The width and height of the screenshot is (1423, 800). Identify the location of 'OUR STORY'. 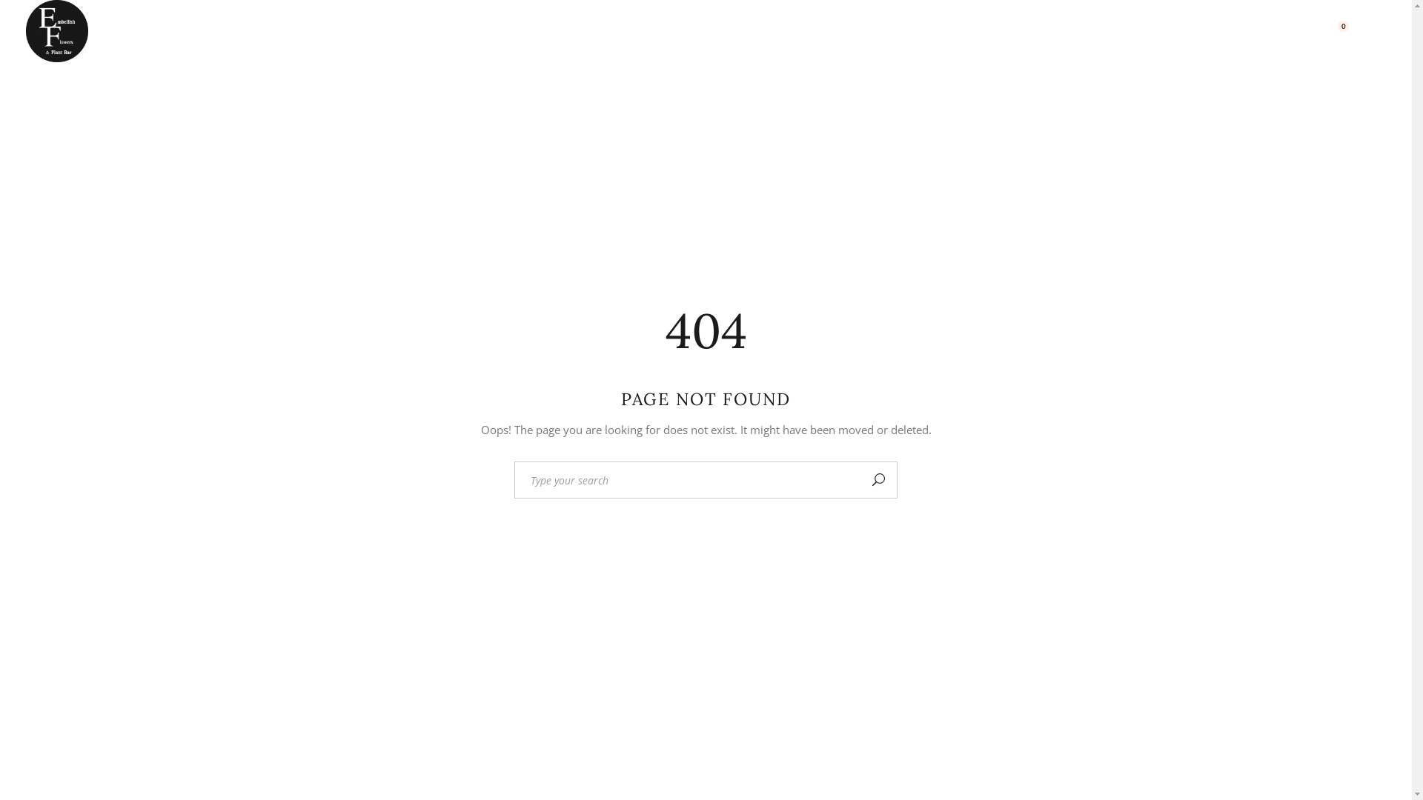
(1081, 31).